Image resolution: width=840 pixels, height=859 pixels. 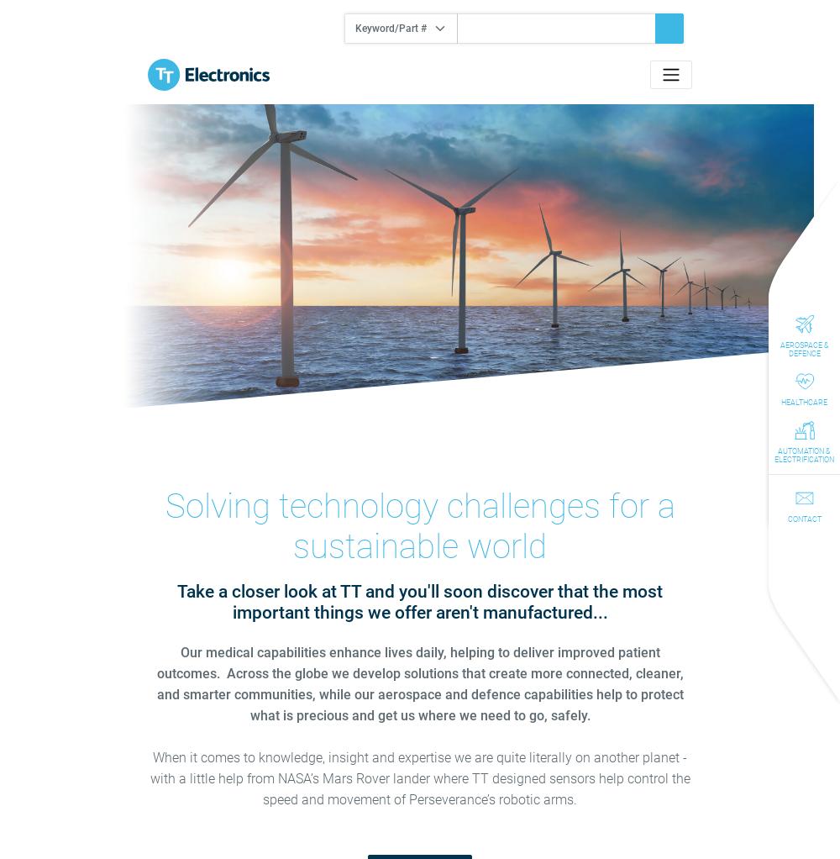 What do you see at coordinates (418, 319) in the screenshot?
I see `'Details'` at bounding box center [418, 319].